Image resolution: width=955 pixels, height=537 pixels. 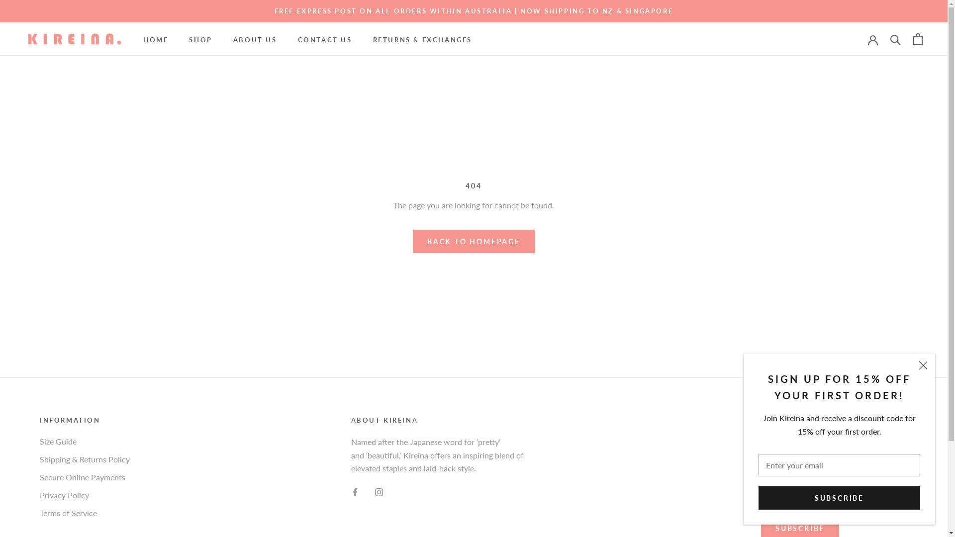 What do you see at coordinates (85, 477) in the screenshot?
I see `'Secure Online Payments'` at bounding box center [85, 477].